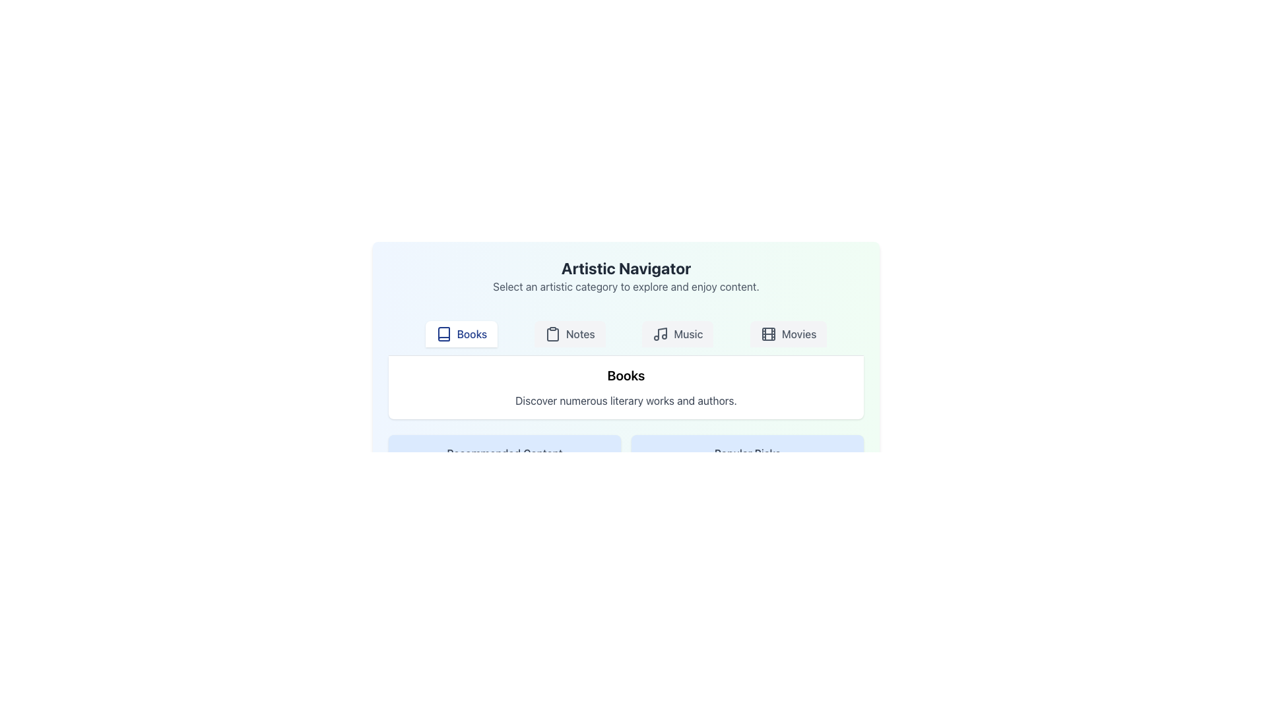 The image size is (1267, 712). What do you see at coordinates (747, 452) in the screenshot?
I see `the 'Popular Picks' text label located in the bottom-right corner of the interface, if it is interactive` at bounding box center [747, 452].